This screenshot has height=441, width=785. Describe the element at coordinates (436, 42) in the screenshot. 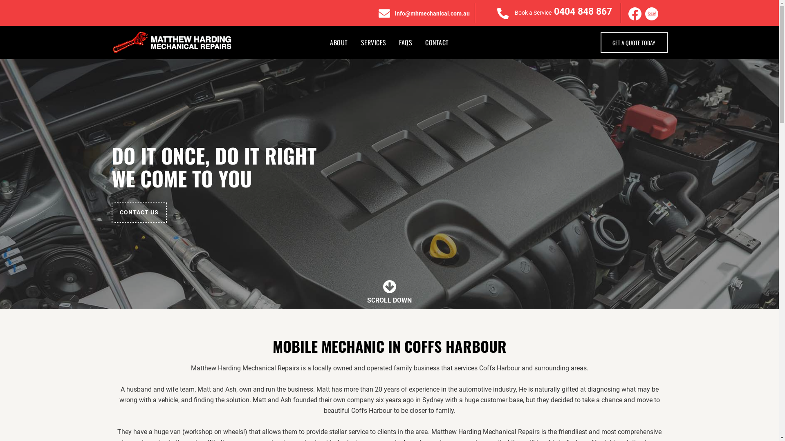

I see `'CONTACT'` at that location.